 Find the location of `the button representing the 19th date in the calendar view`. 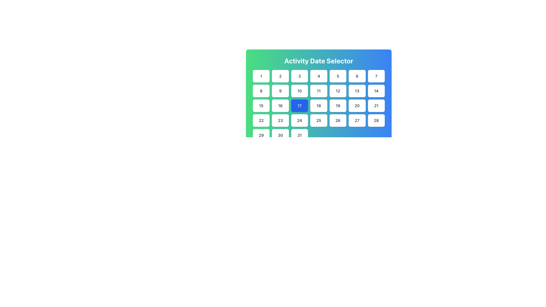

the button representing the 19th date in the calendar view is located at coordinates (338, 105).